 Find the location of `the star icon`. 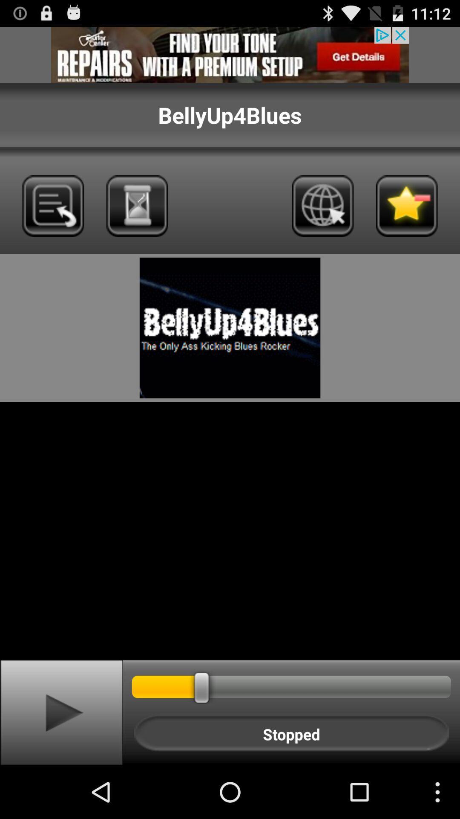

the star icon is located at coordinates (406, 221).